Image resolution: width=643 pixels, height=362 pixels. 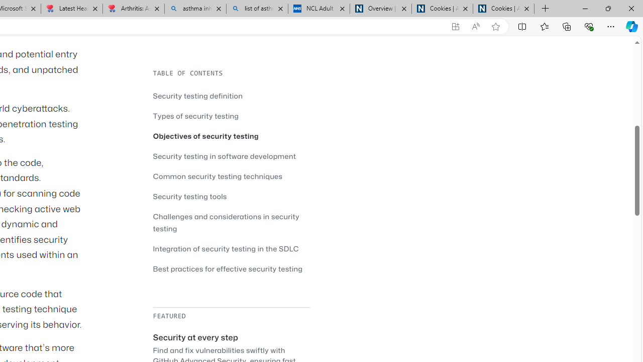 What do you see at coordinates (231, 268) in the screenshot?
I see `'Best practices for effective security testing'` at bounding box center [231, 268].